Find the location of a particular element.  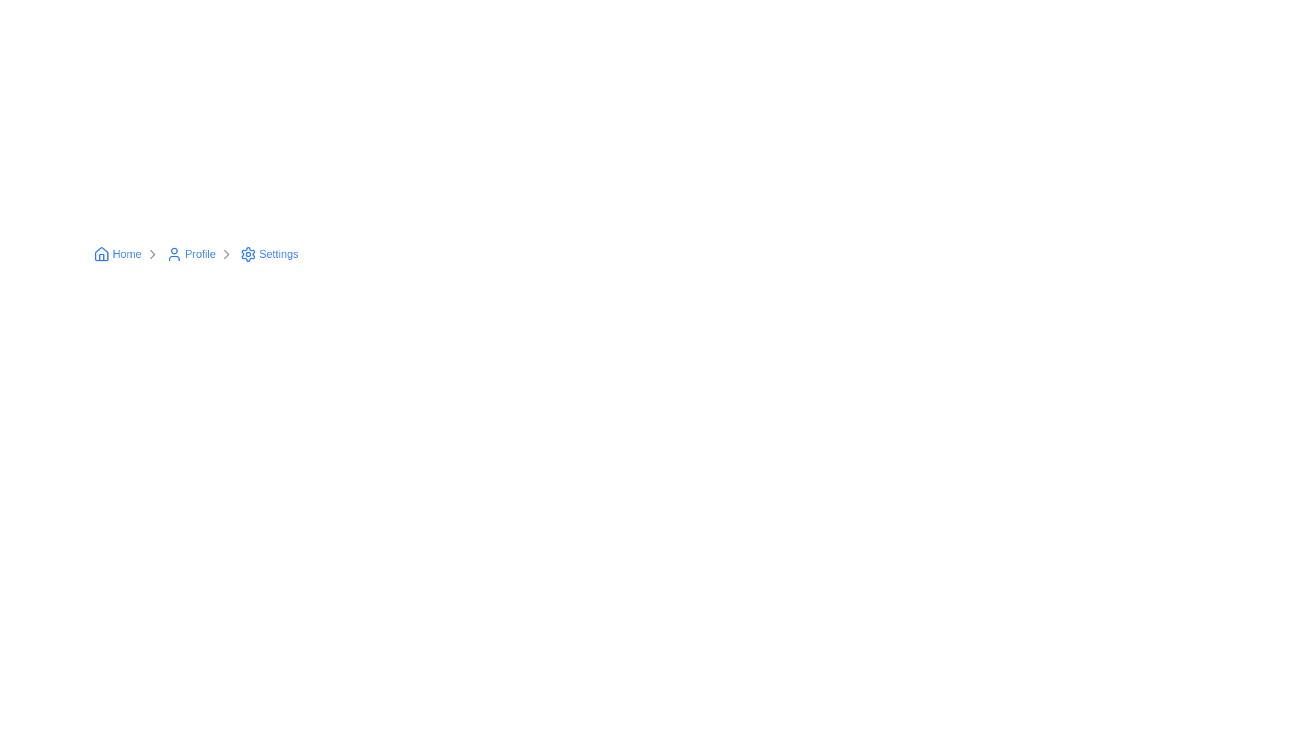

the blue, underlined 'Profile' hyperlink adjacent to a user silhouette icon in the breadcrumb navigation bar to underline it is located at coordinates (190, 254).